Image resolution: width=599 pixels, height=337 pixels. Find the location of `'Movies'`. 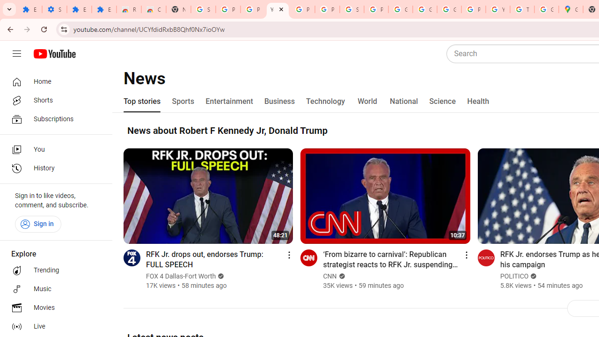

'Movies' is located at coordinates (52, 308).